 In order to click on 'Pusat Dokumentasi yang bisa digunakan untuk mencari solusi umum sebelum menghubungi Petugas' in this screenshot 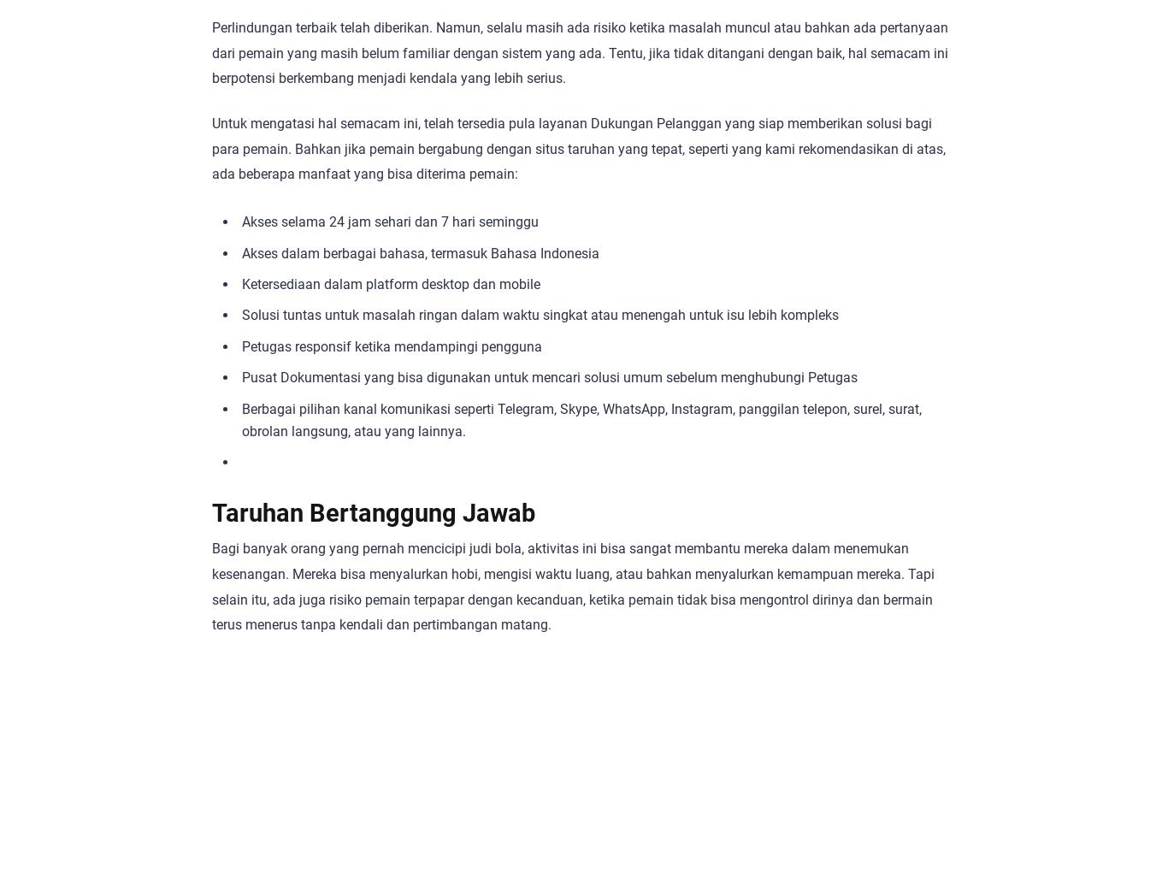, I will do `click(242, 377)`.